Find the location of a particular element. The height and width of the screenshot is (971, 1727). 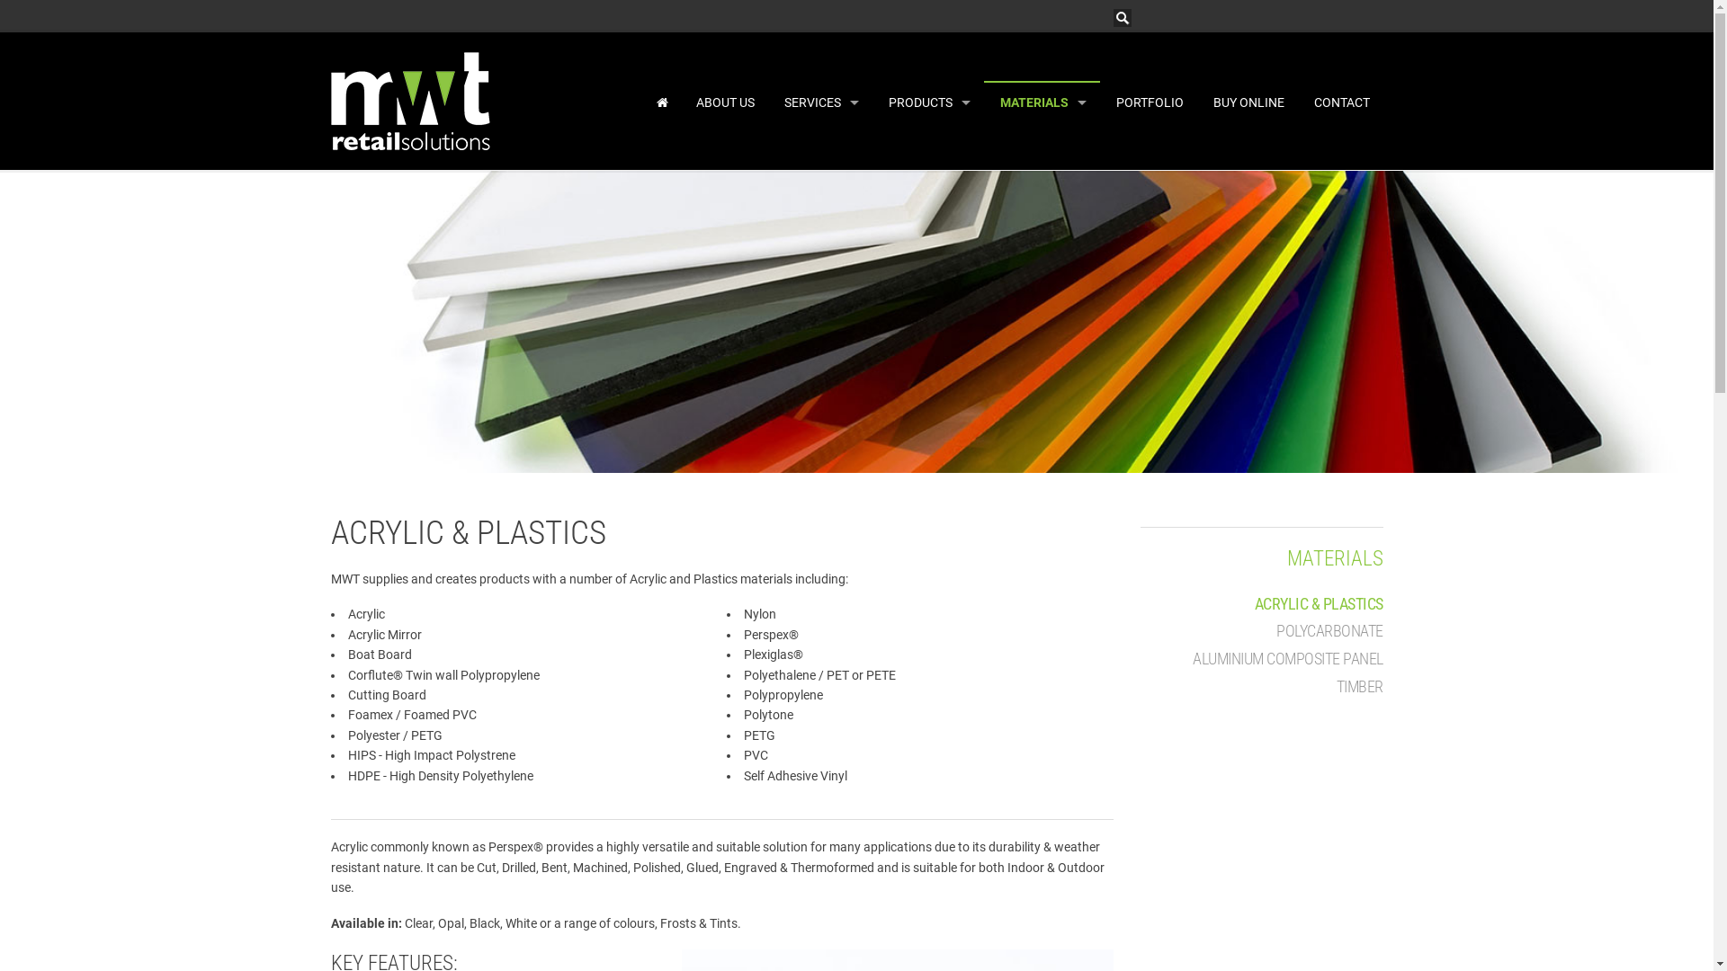

'ACRYLIC & PLASTICS' is located at coordinates (1318, 603).